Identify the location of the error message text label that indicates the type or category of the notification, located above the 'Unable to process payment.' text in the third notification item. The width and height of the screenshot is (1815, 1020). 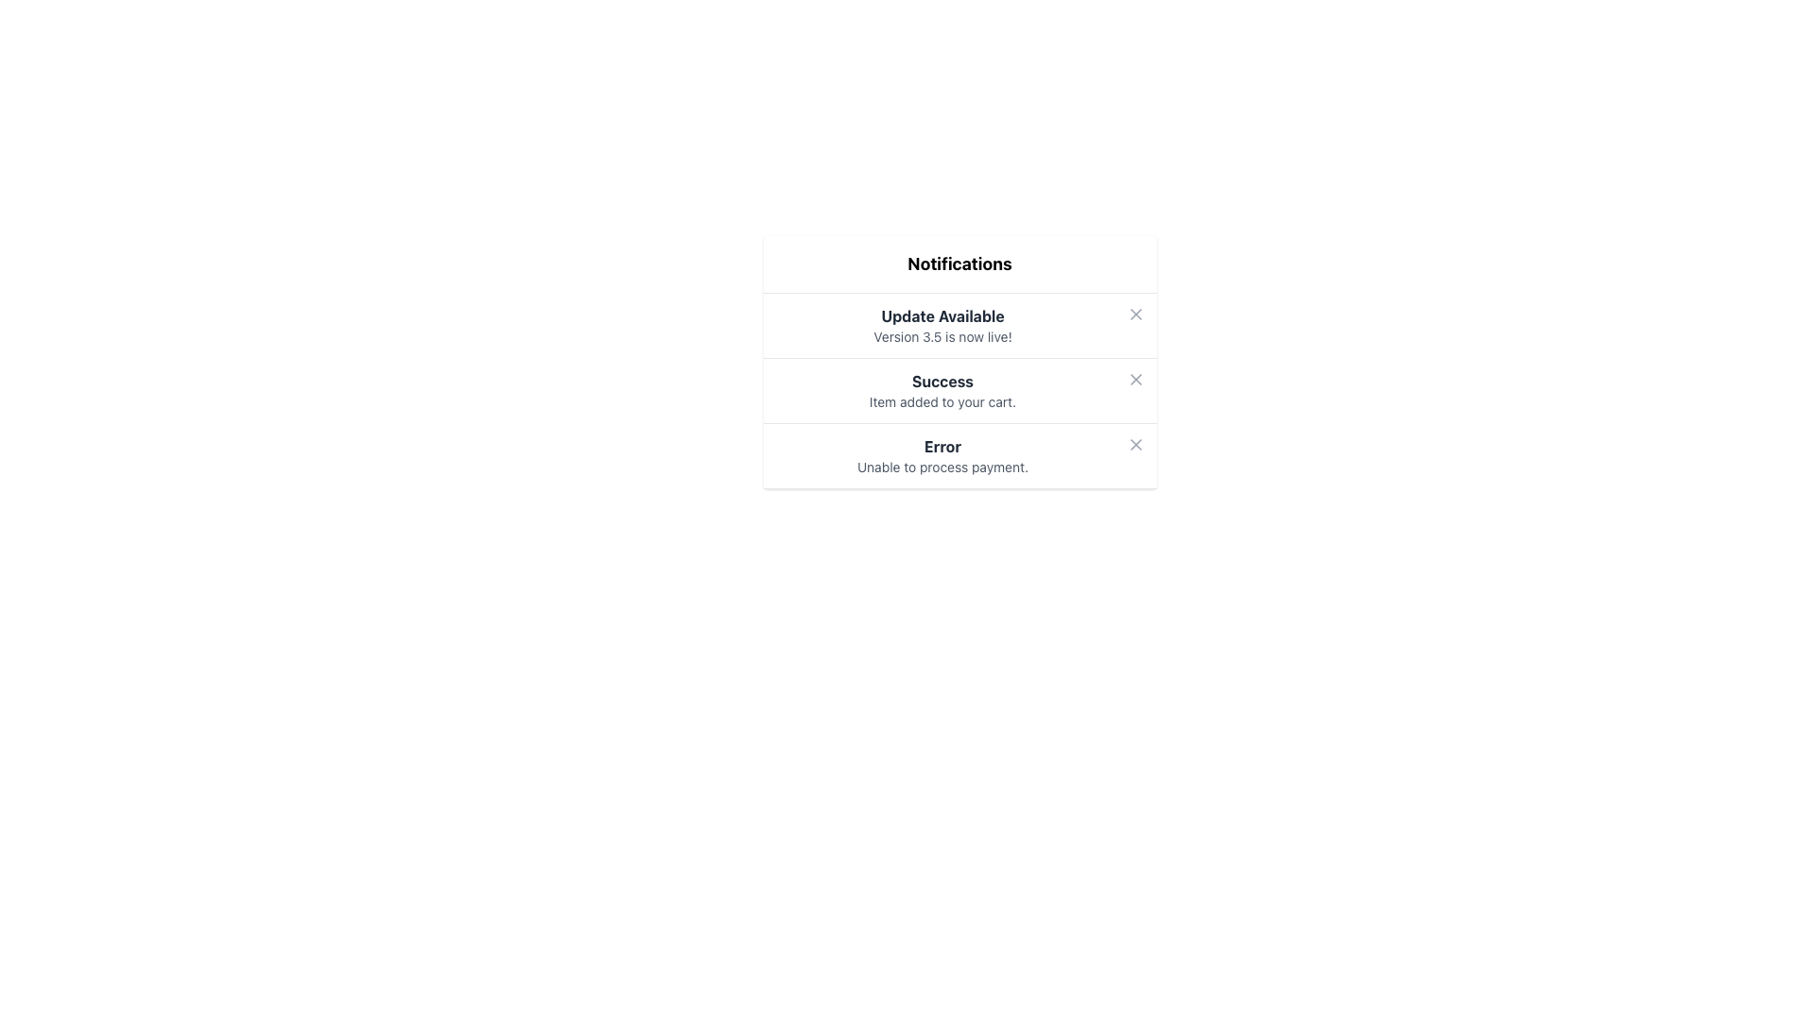
(942, 447).